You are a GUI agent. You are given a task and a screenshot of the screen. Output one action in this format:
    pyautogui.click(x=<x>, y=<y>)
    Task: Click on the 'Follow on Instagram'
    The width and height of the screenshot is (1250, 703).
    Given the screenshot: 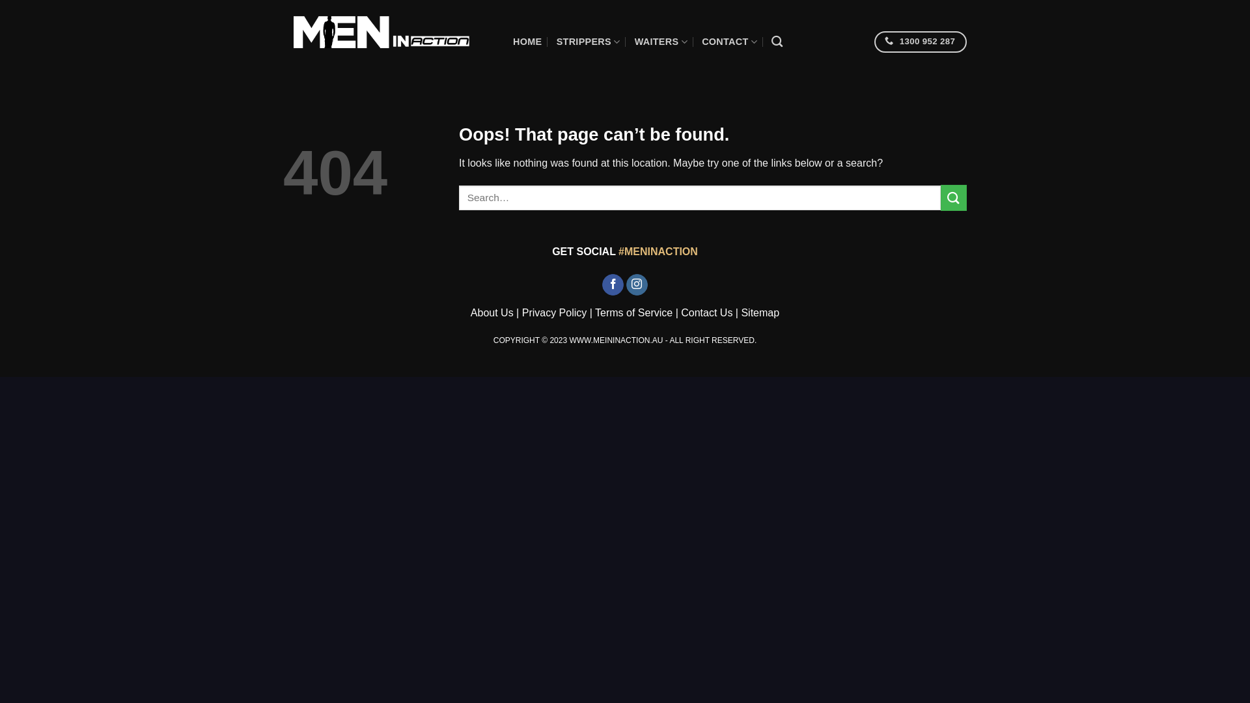 What is the action you would take?
    pyautogui.click(x=637, y=284)
    